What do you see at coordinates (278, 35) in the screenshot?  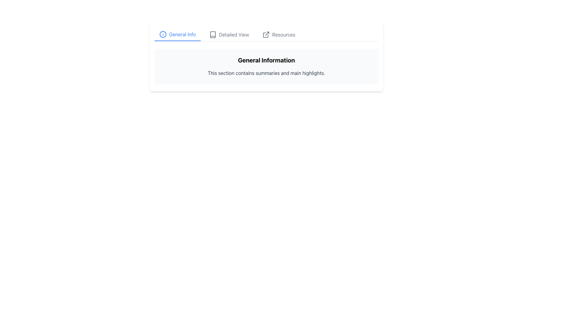 I see `the clickable text label 'Resources' with an external link icon` at bounding box center [278, 35].